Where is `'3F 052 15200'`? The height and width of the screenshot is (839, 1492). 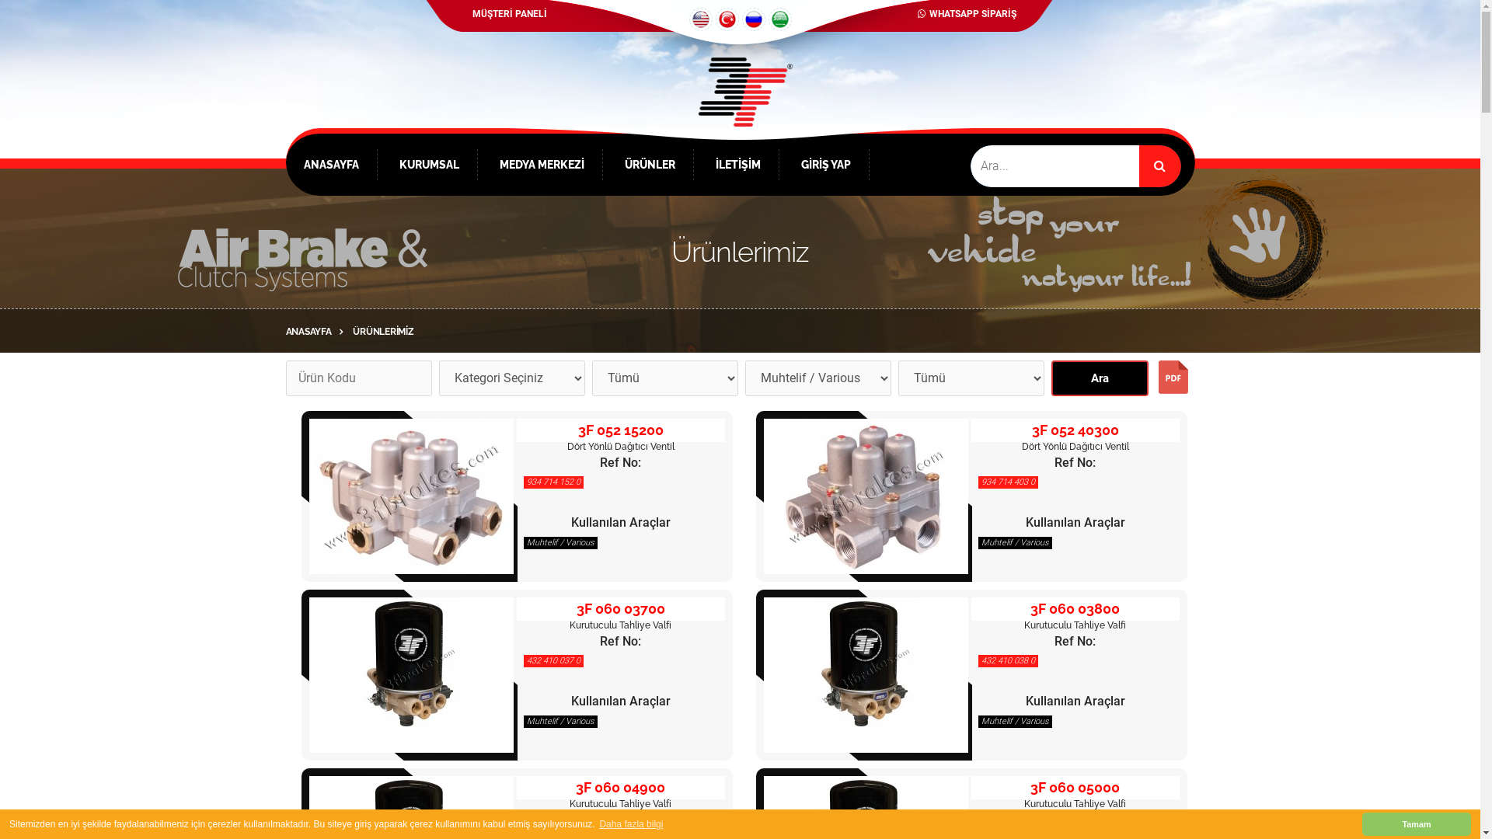
'3F 052 15200' is located at coordinates (410, 496).